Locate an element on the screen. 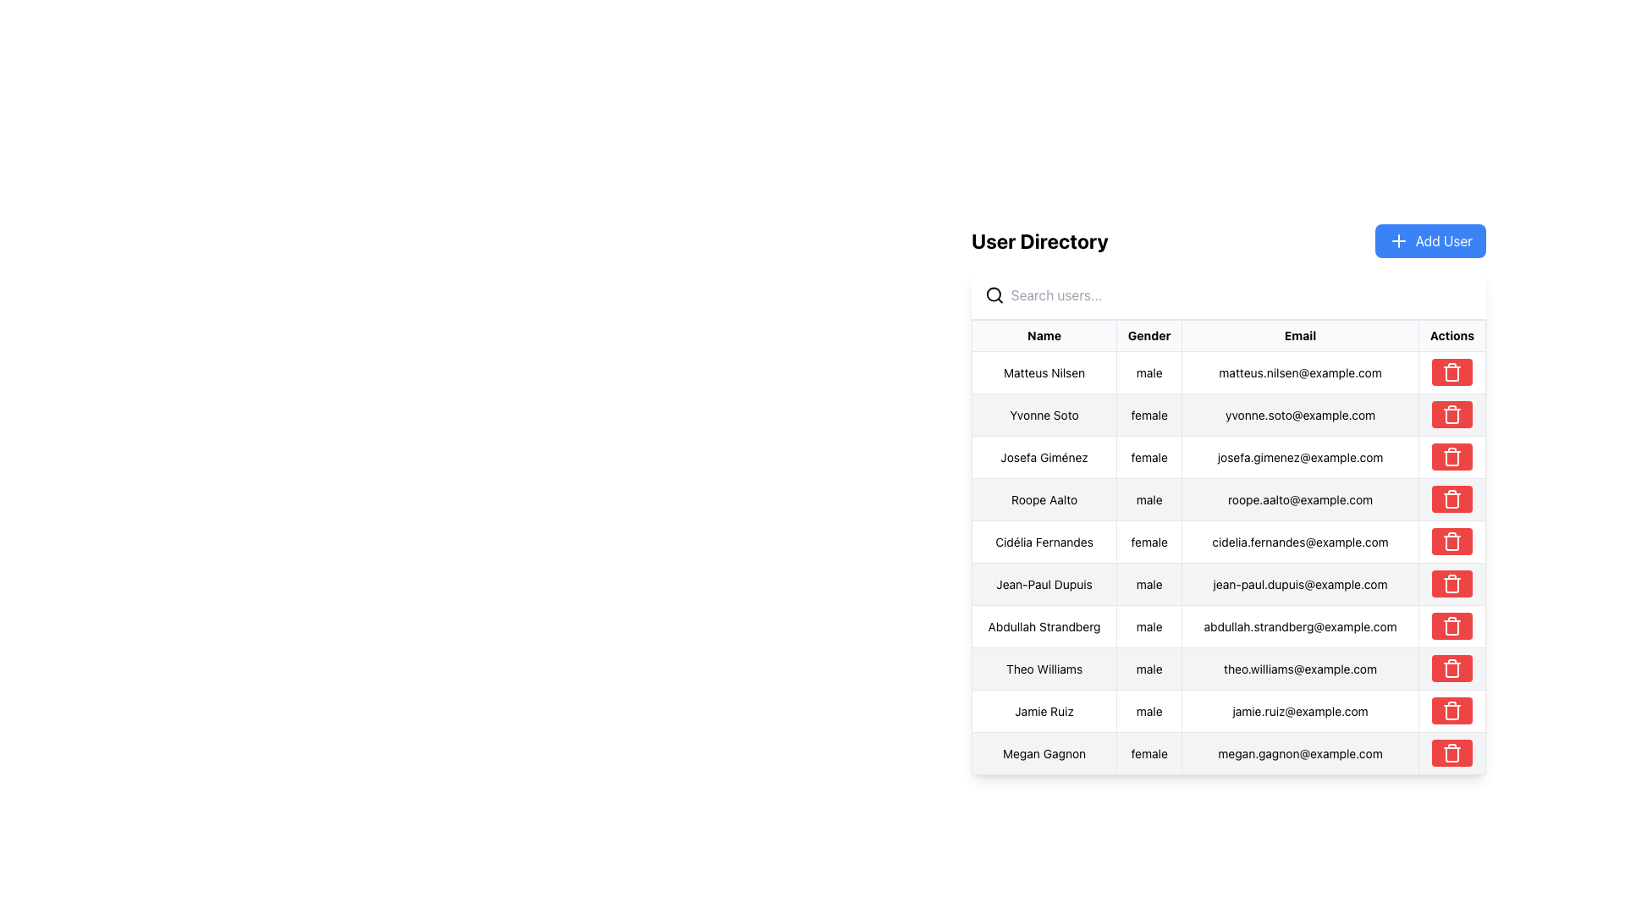 The width and height of the screenshot is (1625, 914). the content of the Text Label displaying 'Josefa Giménez' in the user directory table, which is the first cell in the 'Name' column is located at coordinates (1043, 457).